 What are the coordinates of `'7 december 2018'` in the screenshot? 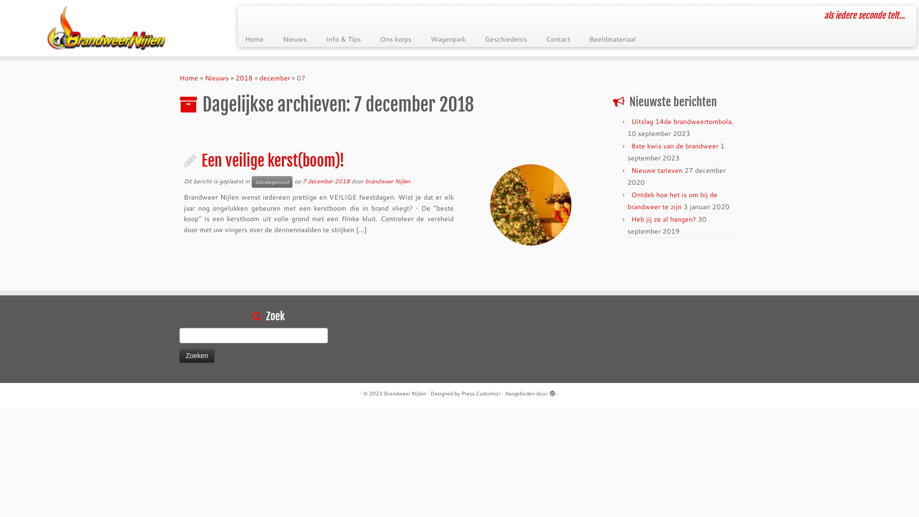 It's located at (326, 181).